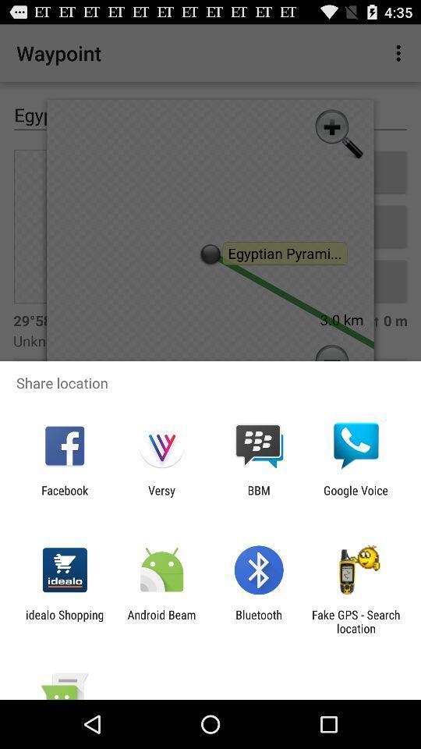  Describe the element at coordinates (161, 496) in the screenshot. I see `the app next to the bbm icon` at that location.